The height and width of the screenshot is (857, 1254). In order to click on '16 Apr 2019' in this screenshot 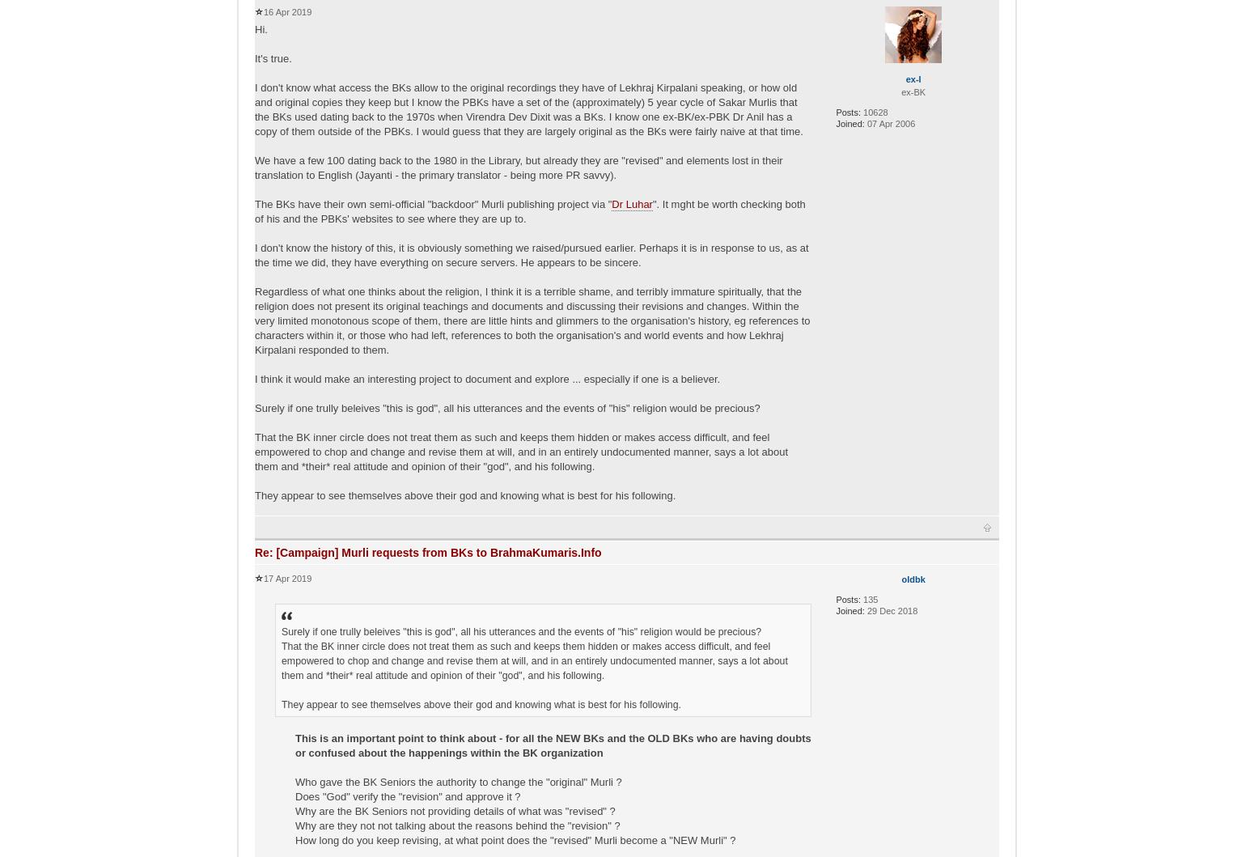, I will do `click(262, 11)`.